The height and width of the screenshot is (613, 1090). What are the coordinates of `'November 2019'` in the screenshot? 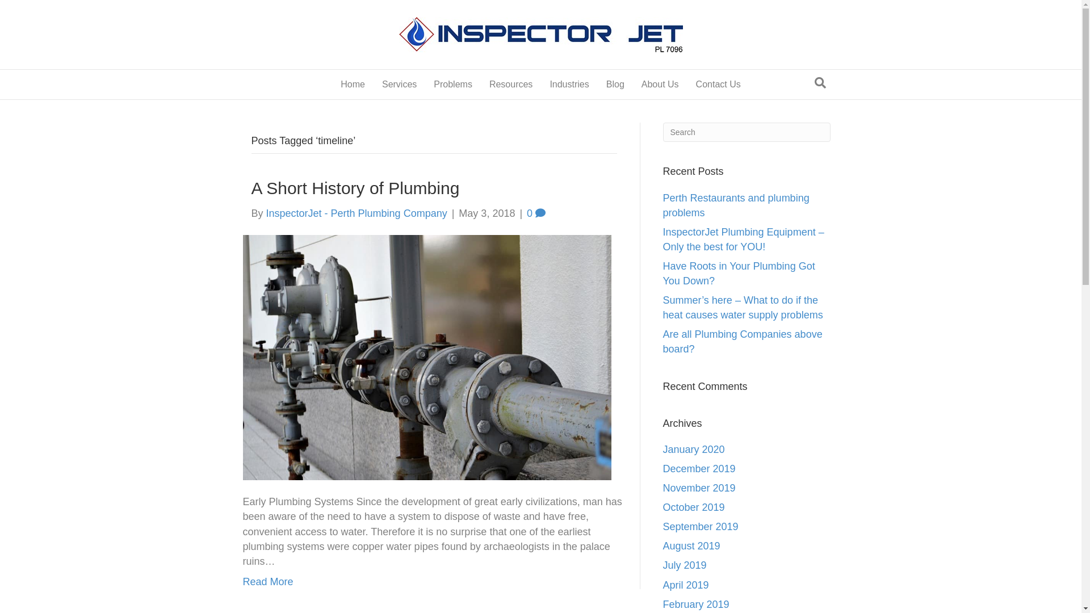 It's located at (663, 488).